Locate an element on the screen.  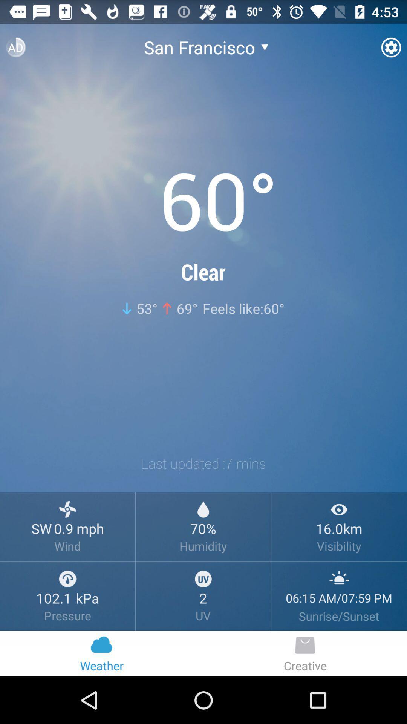
the settings icon is located at coordinates (390, 50).